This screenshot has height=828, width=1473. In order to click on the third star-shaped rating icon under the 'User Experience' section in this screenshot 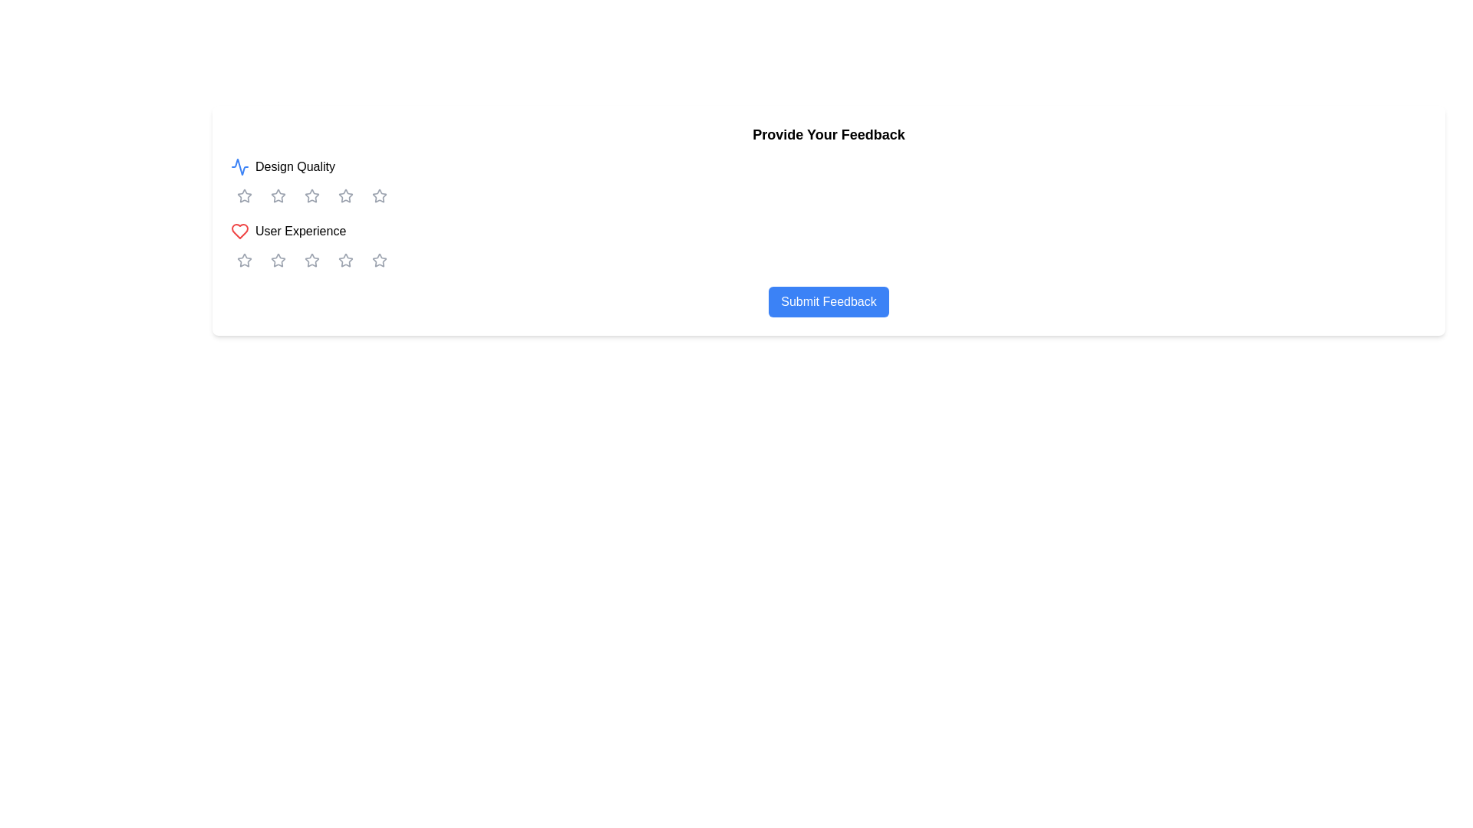, I will do `click(311, 259)`.